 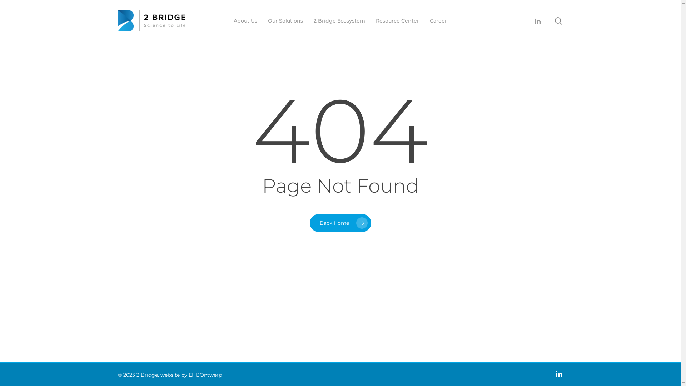 I want to click on 'Our Solutions', so click(x=267, y=20).